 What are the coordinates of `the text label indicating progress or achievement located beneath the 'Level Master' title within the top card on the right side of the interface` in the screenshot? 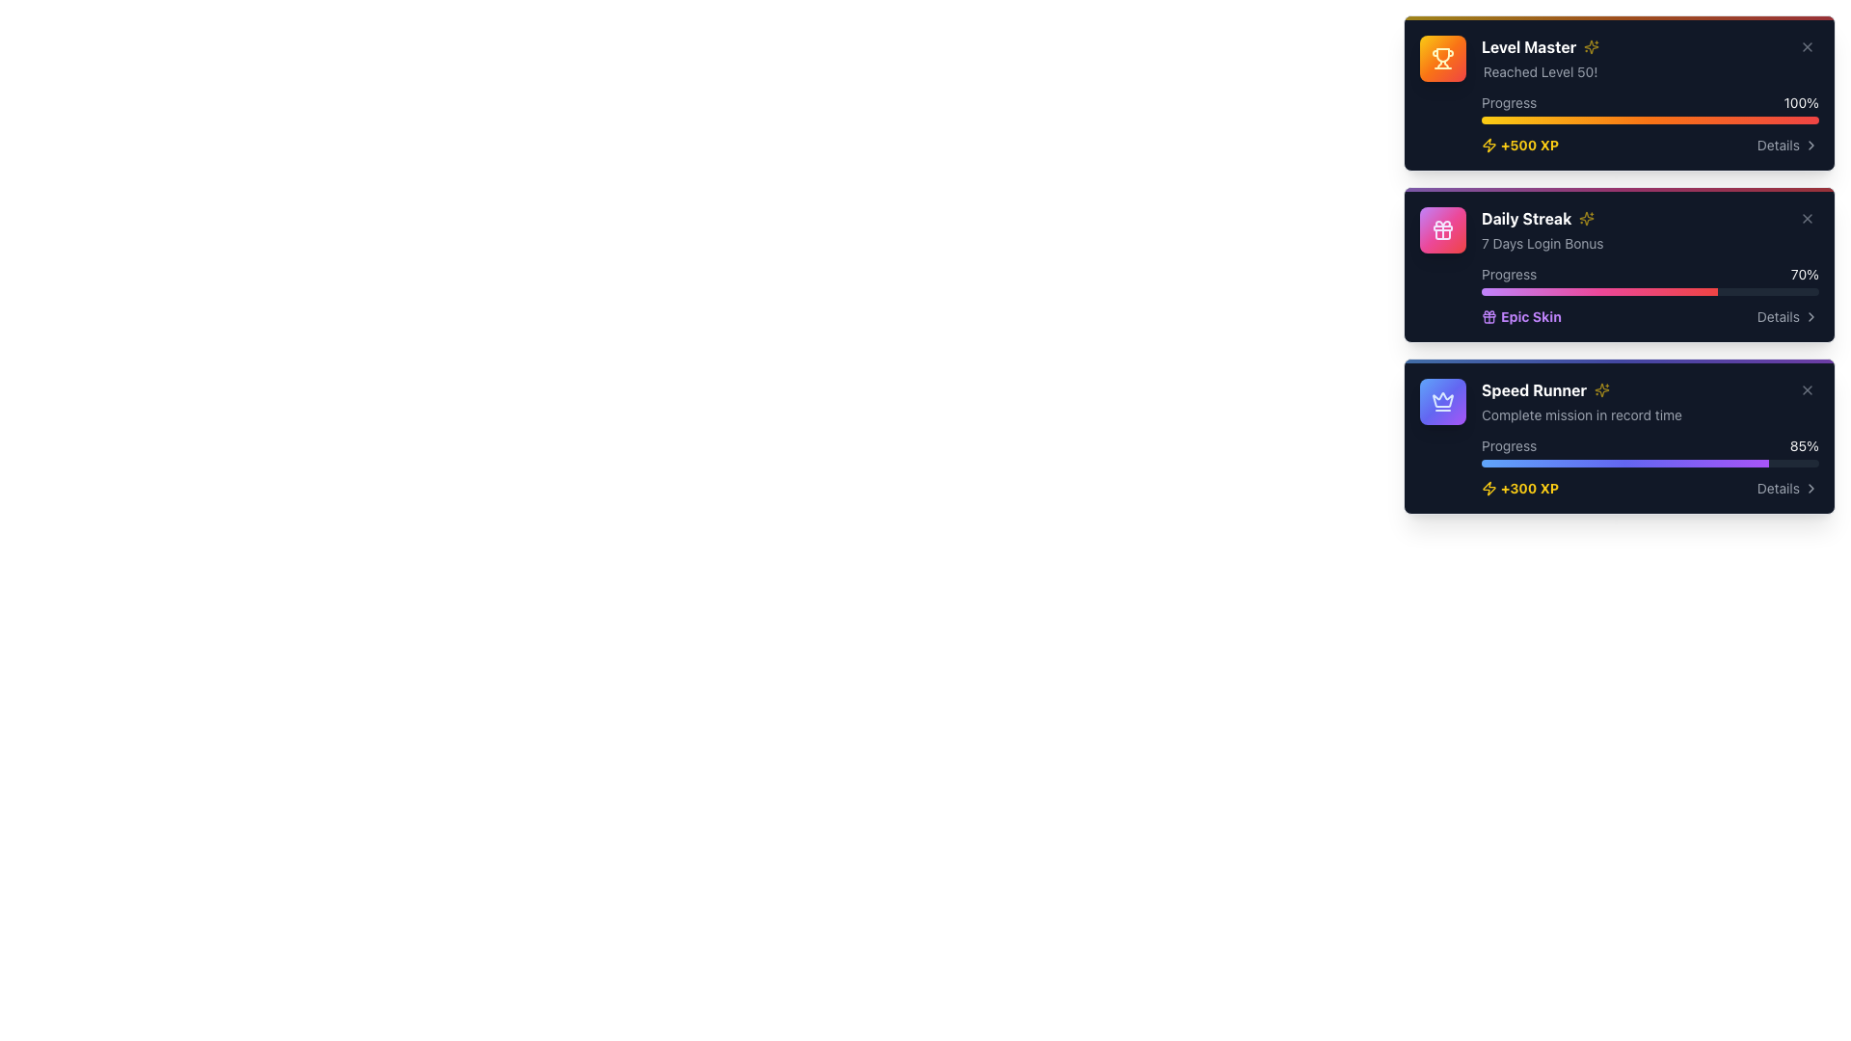 It's located at (1540, 70).